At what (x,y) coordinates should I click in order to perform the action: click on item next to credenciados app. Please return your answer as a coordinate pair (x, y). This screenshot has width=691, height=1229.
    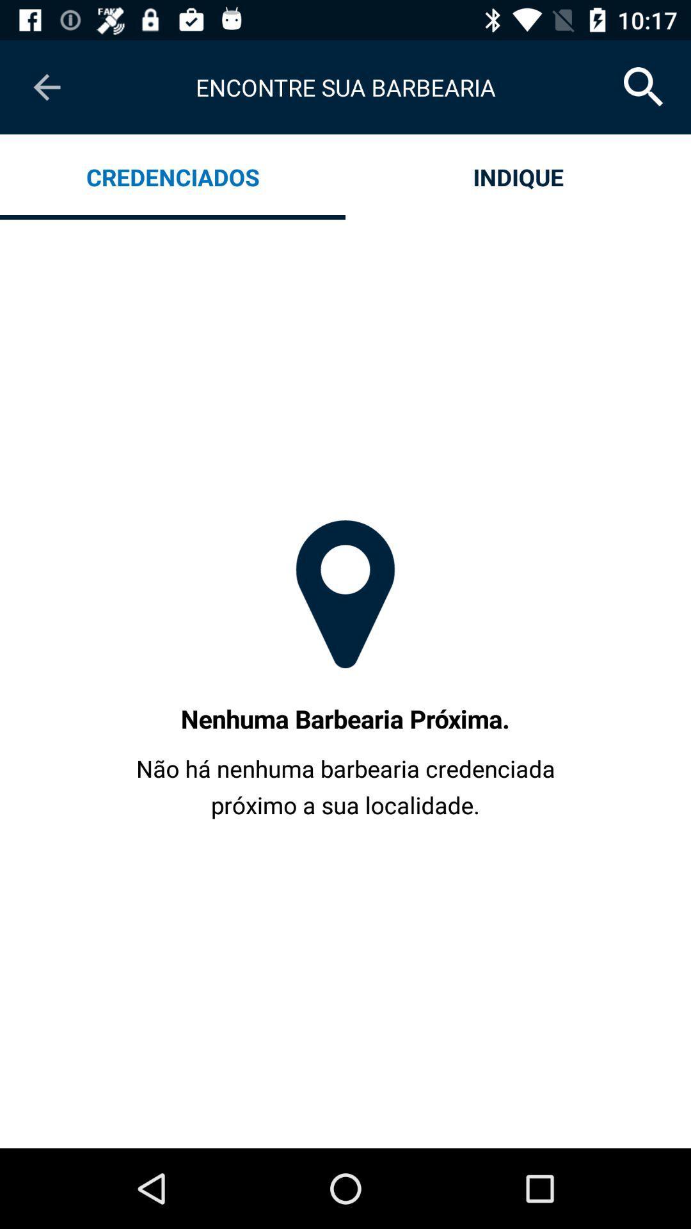
    Looking at the image, I should click on (518, 176).